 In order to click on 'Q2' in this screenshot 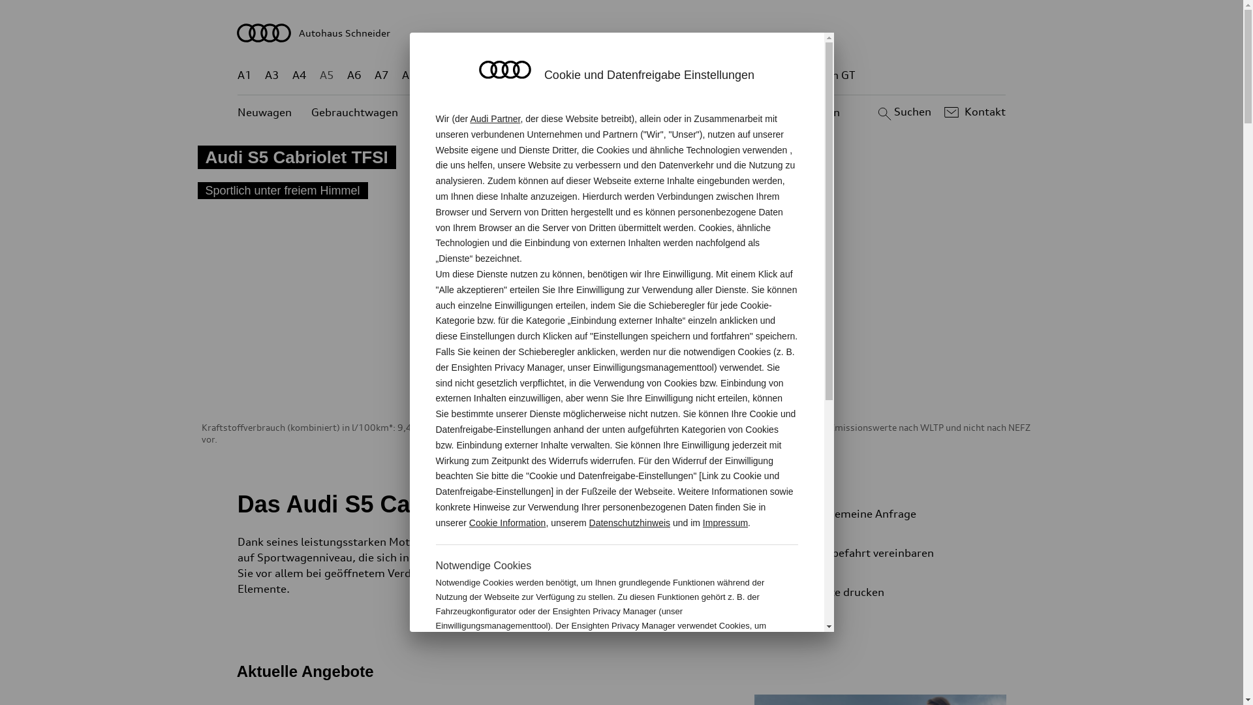, I will do `click(437, 75)`.